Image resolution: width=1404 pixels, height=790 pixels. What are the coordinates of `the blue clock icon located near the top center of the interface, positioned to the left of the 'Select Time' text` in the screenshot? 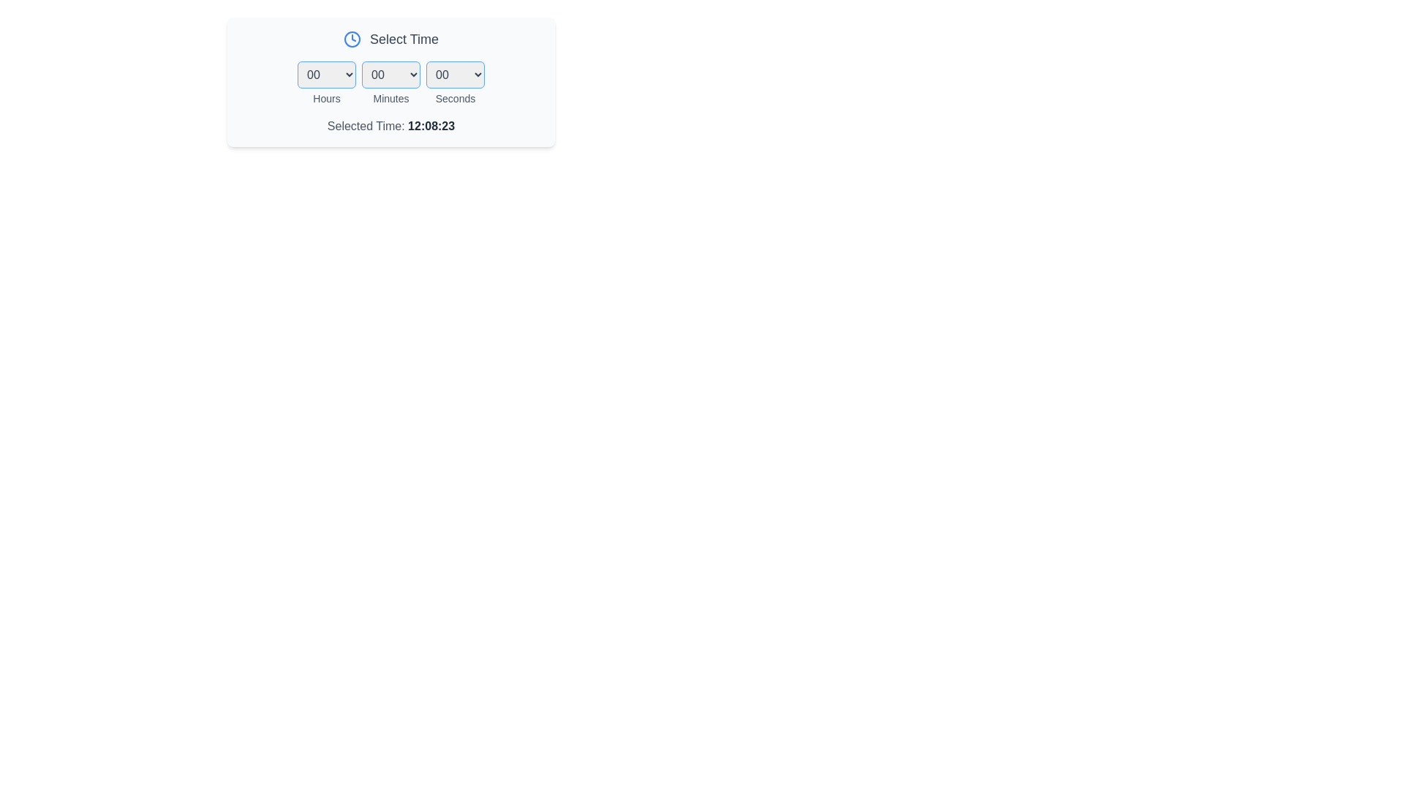 It's located at (352, 39).